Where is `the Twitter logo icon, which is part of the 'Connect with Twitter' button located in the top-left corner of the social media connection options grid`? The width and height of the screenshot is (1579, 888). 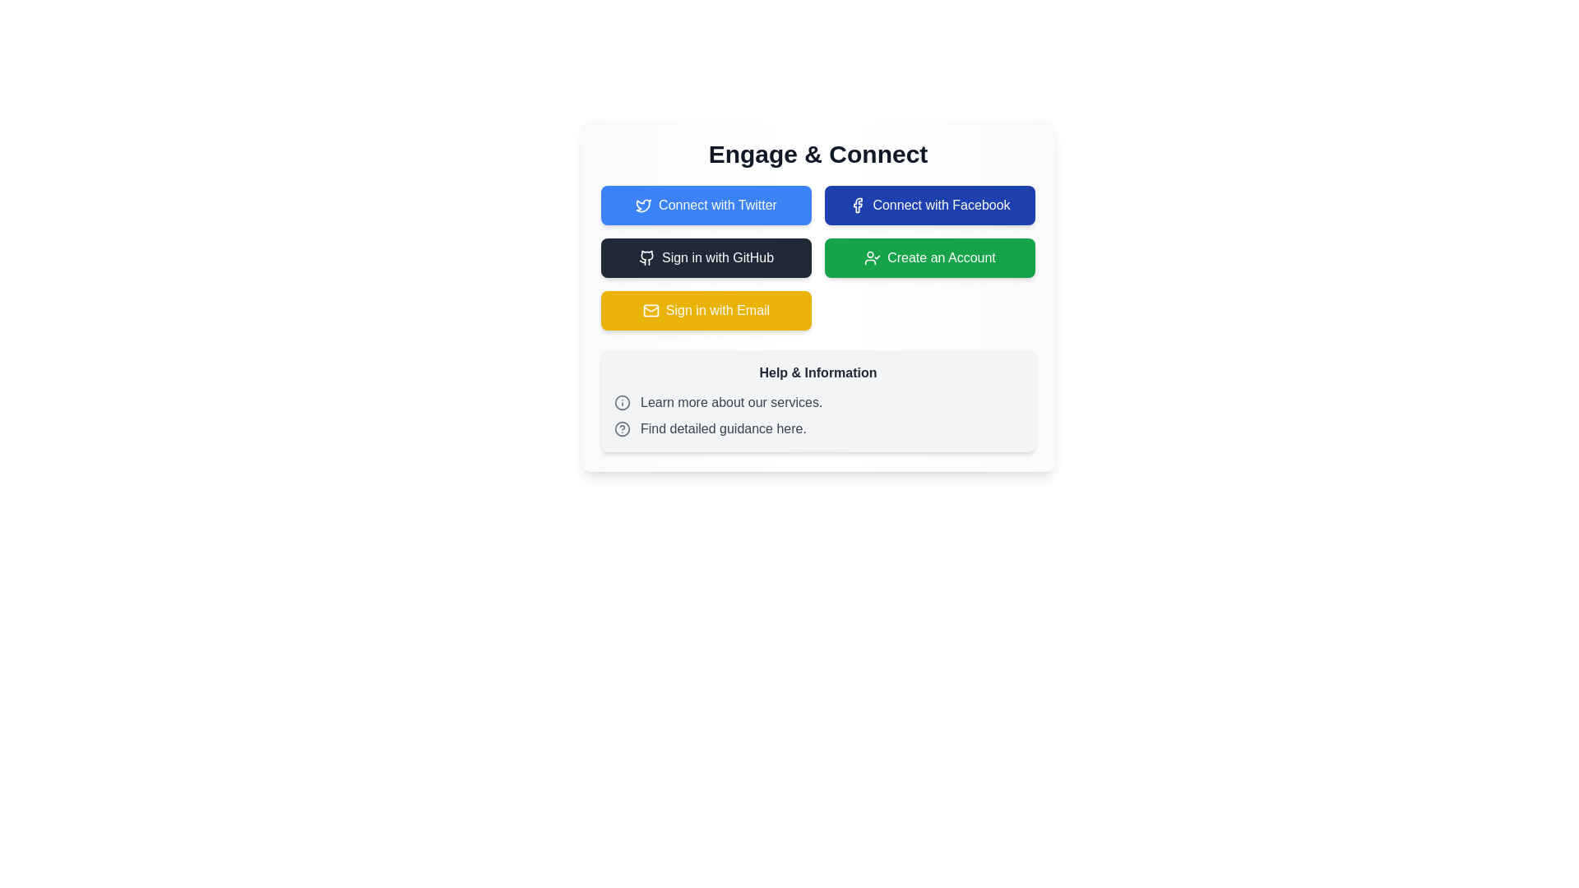
the Twitter logo icon, which is part of the 'Connect with Twitter' button located in the top-left corner of the social media connection options grid is located at coordinates (643, 205).